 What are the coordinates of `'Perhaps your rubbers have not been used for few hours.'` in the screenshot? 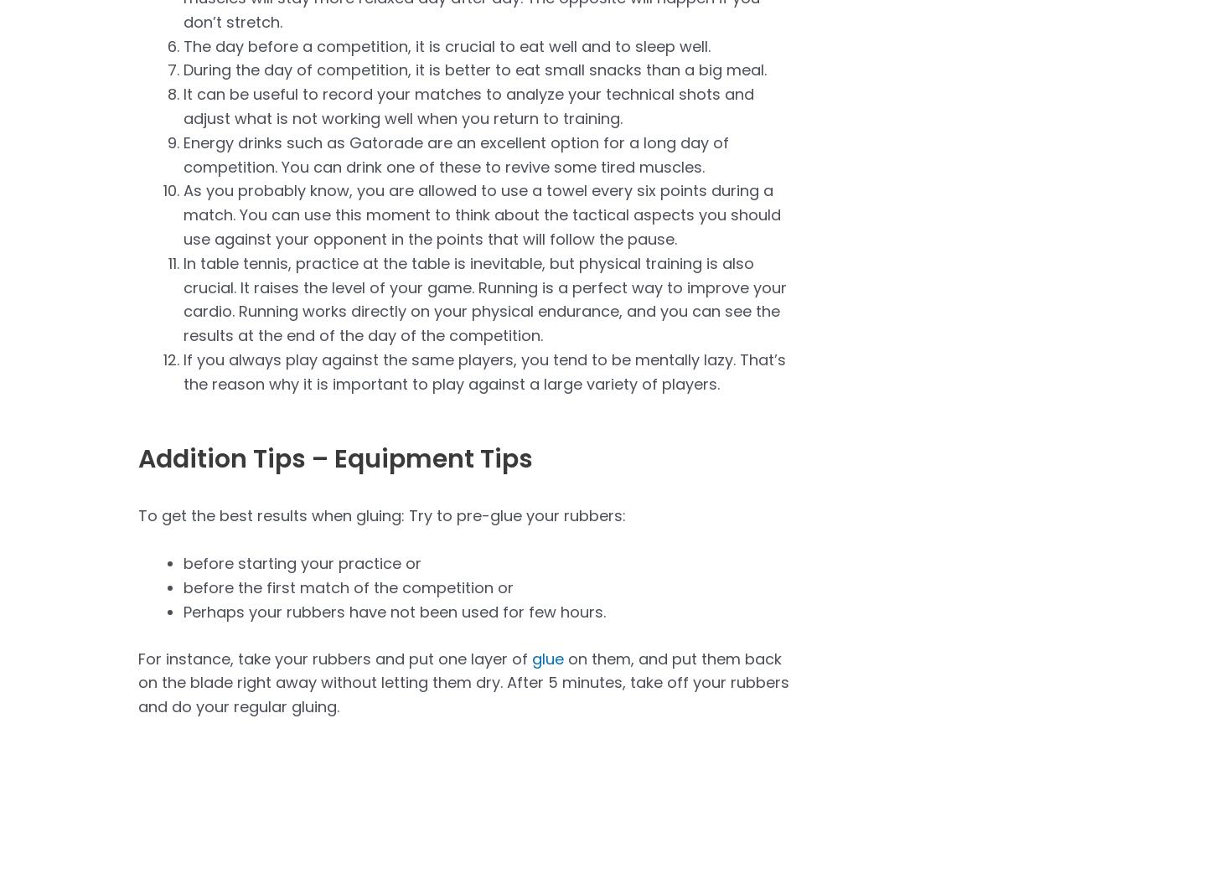 It's located at (393, 611).